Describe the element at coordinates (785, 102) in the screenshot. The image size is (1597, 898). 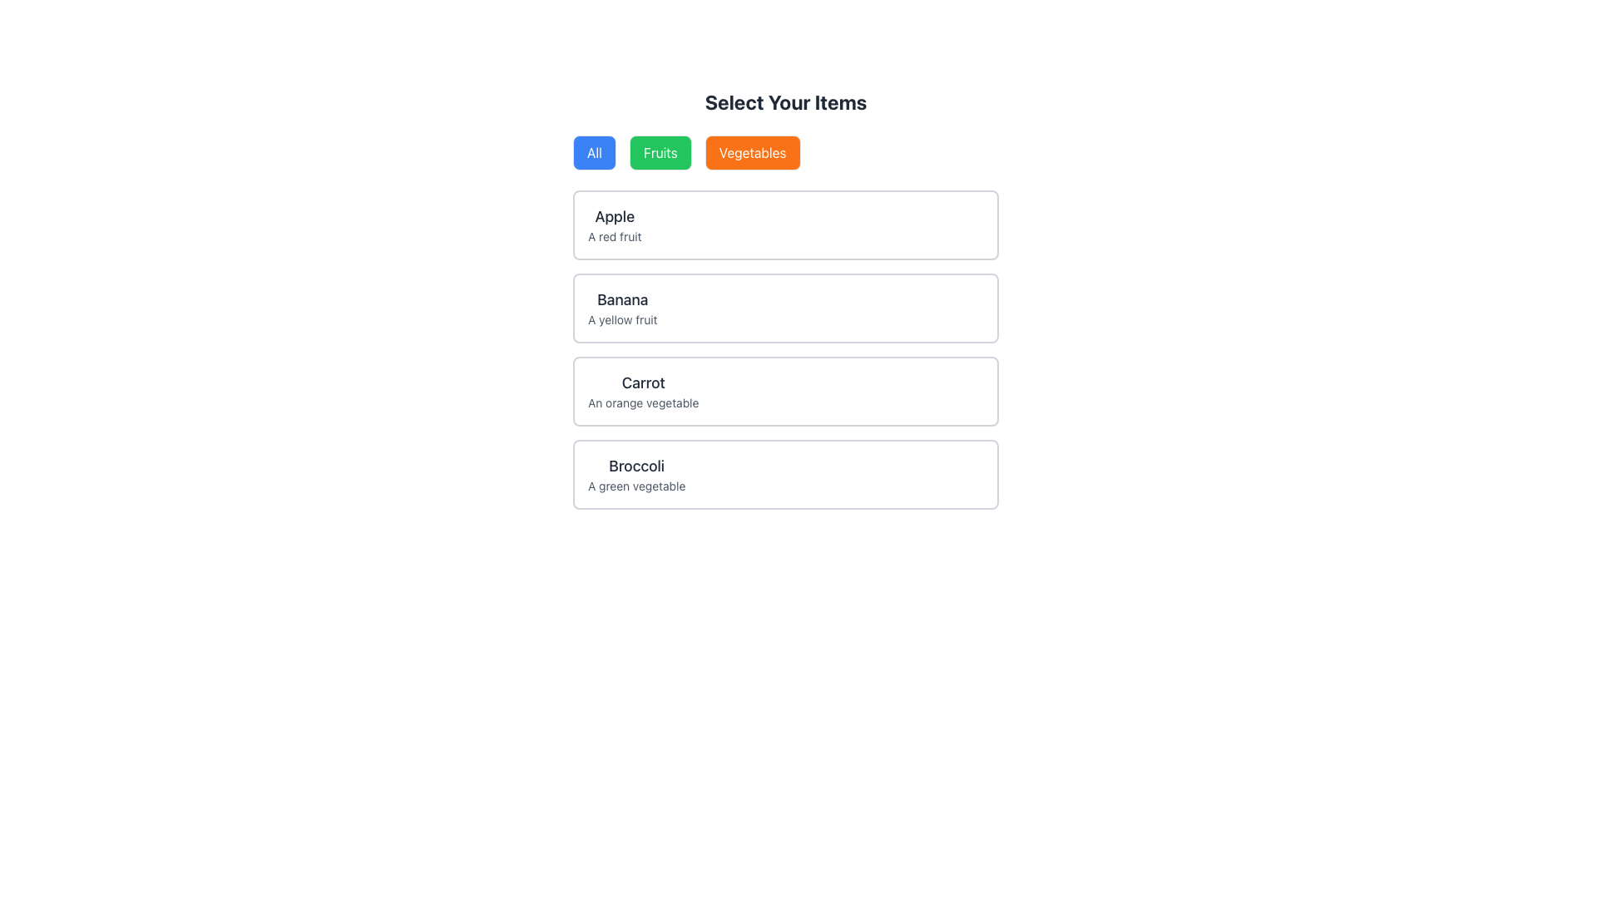
I see `the Header Text element that indicates the purpose of the section, directing users to select items from the available options below` at that location.